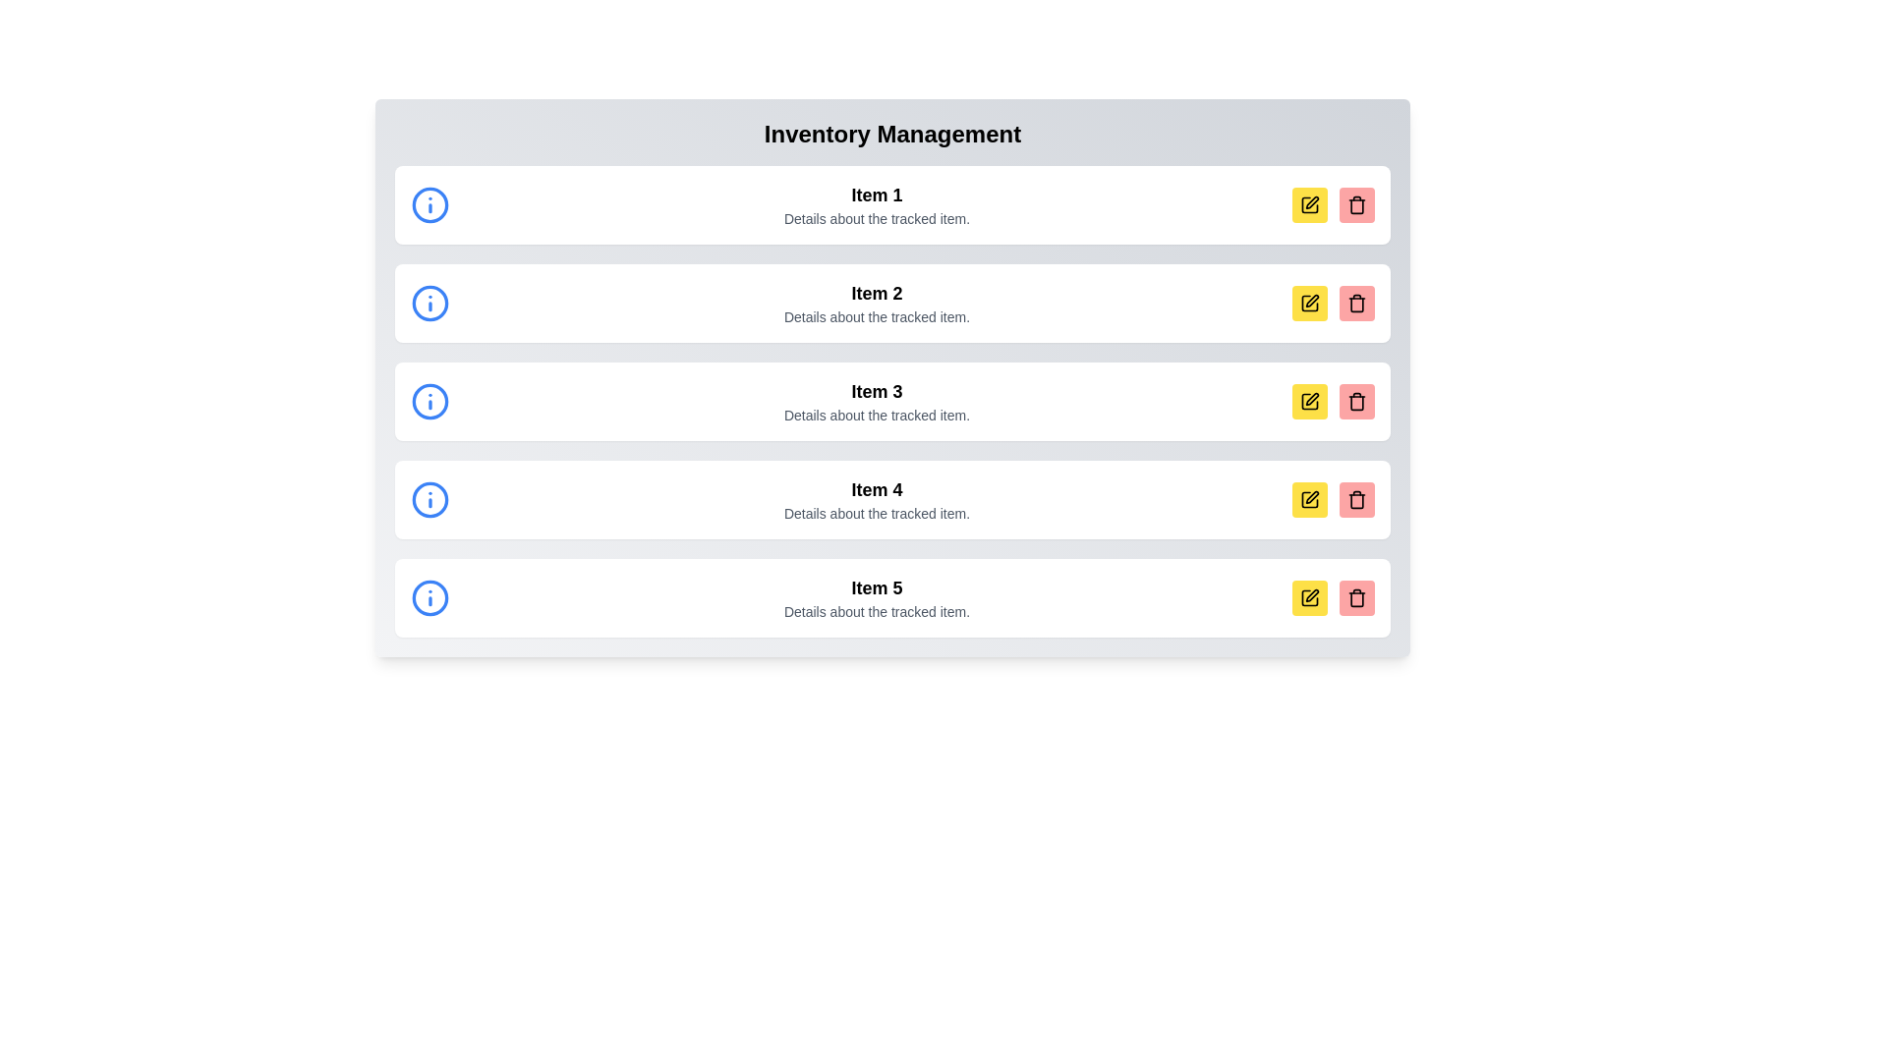  What do you see at coordinates (1356, 303) in the screenshot?
I see `the red button with a trash can icon` at bounding box center [1356, 303].